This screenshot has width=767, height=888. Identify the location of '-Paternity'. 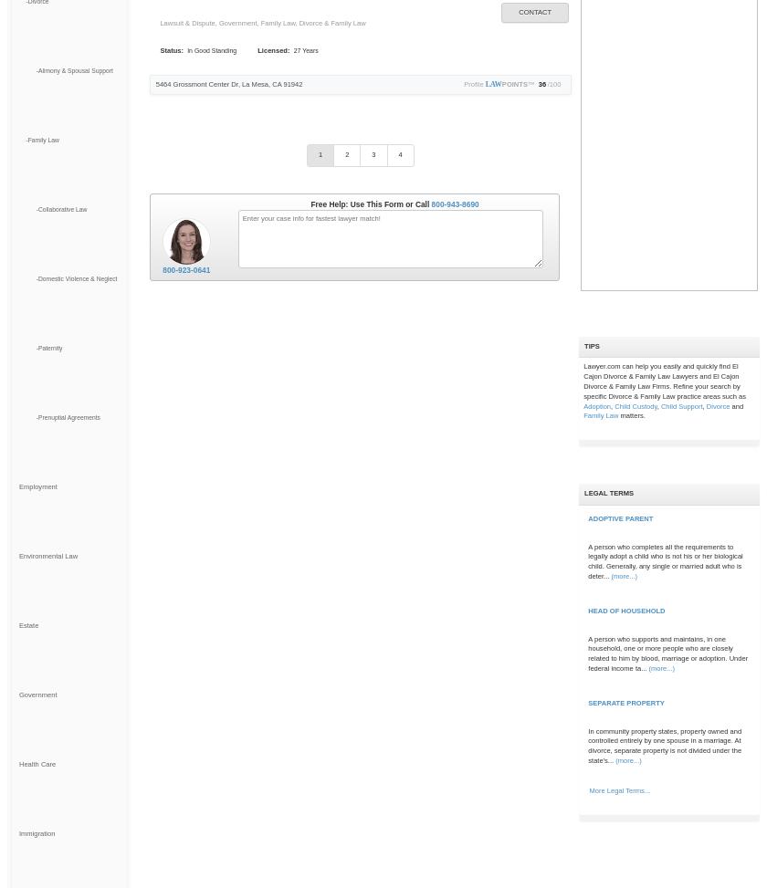
(43, 346).